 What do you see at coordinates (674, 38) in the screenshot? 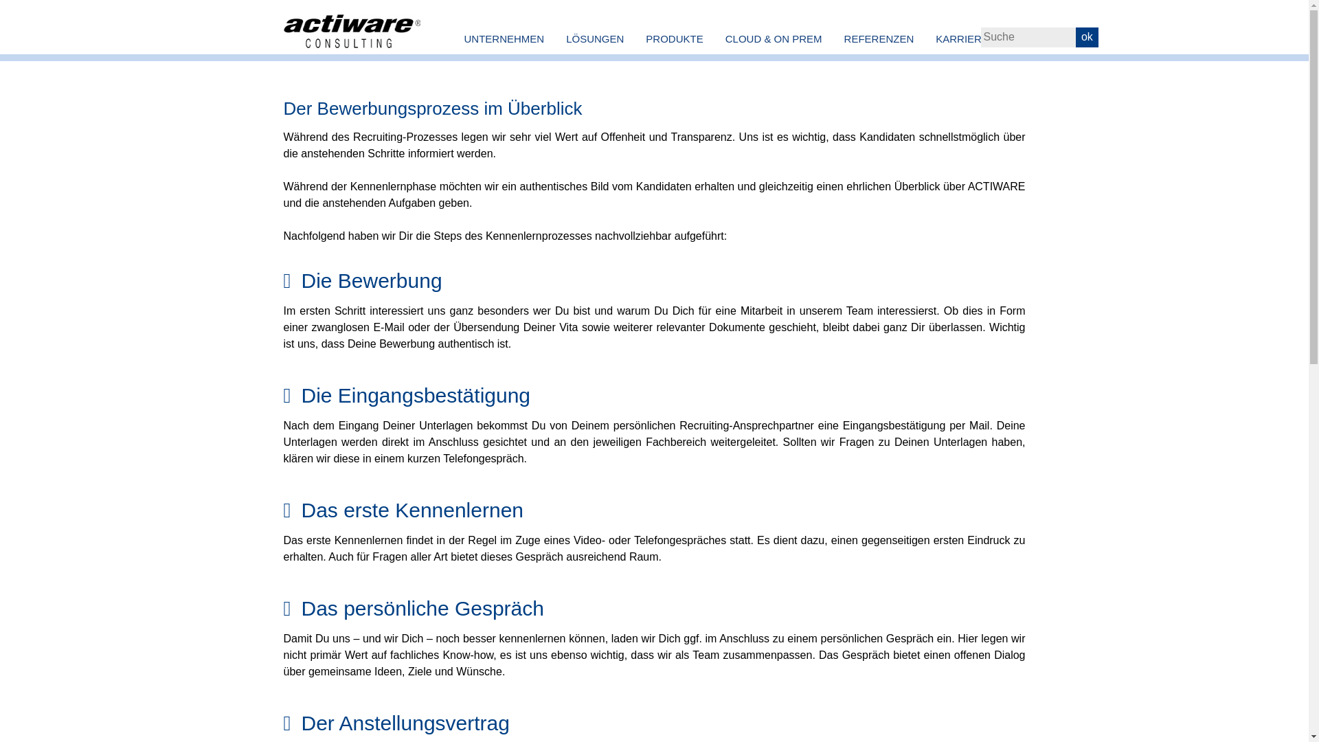
I see `'PRODUKTE'` at bounding box center [674, 38].